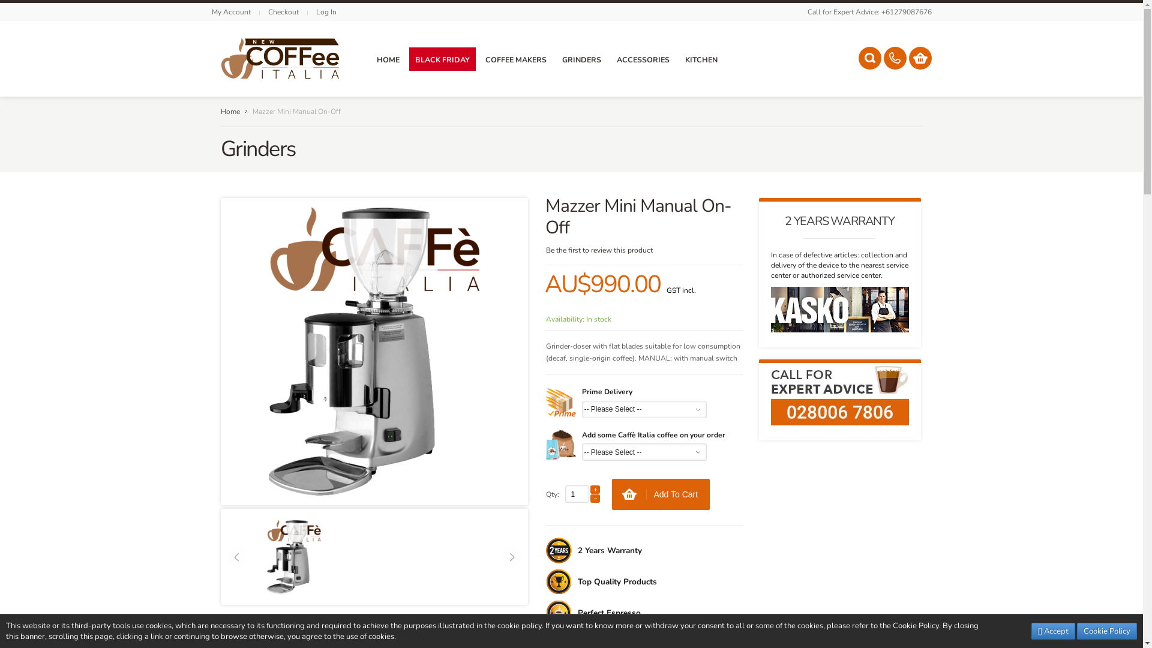 Image resolution: width=1152 pixels, height=648 pixels. Describe the element at coordinates (1030, 631) in the screenshot. I see `'Accept'` at that location.